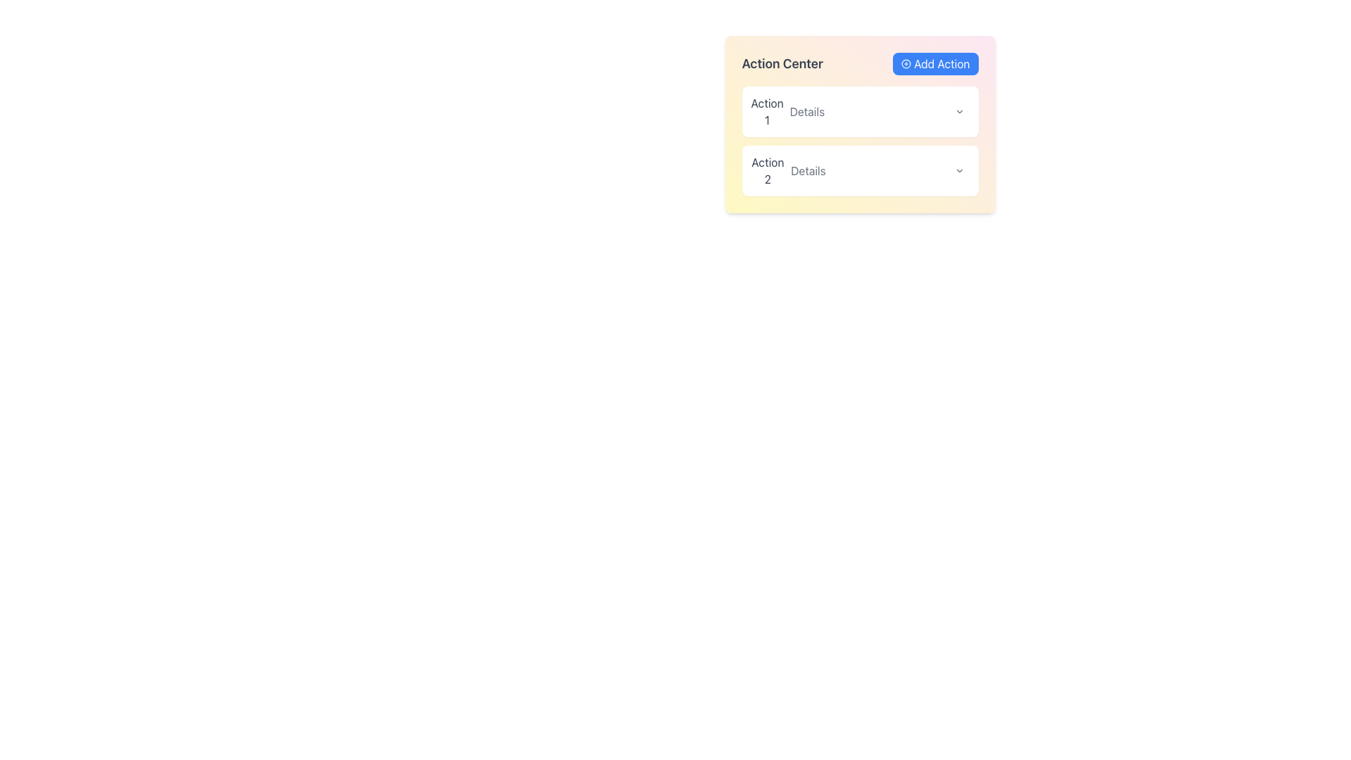  Describe the element at coordinates (906, 64) in the screenshot. I see `the circular SVG icon with a plus sign in its center, which is located inside the 'Add Action' button in the top-right corner of the 'Action Center' panel` at that location.